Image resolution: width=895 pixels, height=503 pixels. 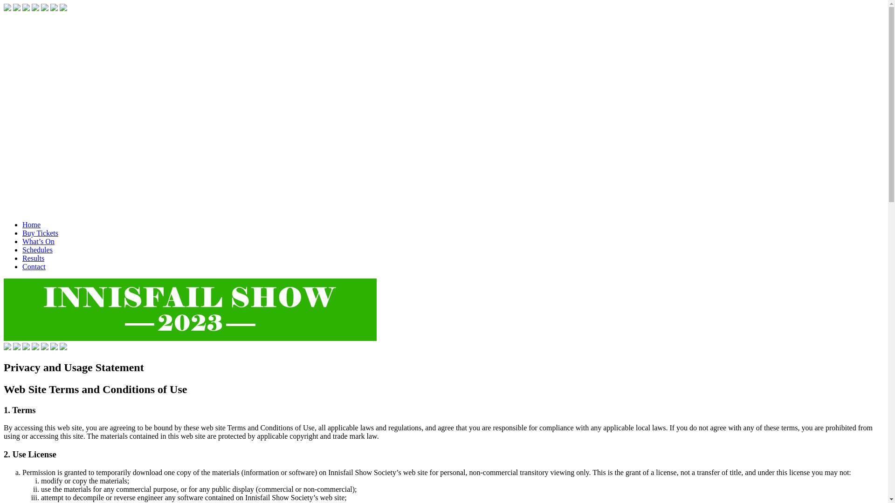 I want to click on 'Contact', so click(x=34, y=266).